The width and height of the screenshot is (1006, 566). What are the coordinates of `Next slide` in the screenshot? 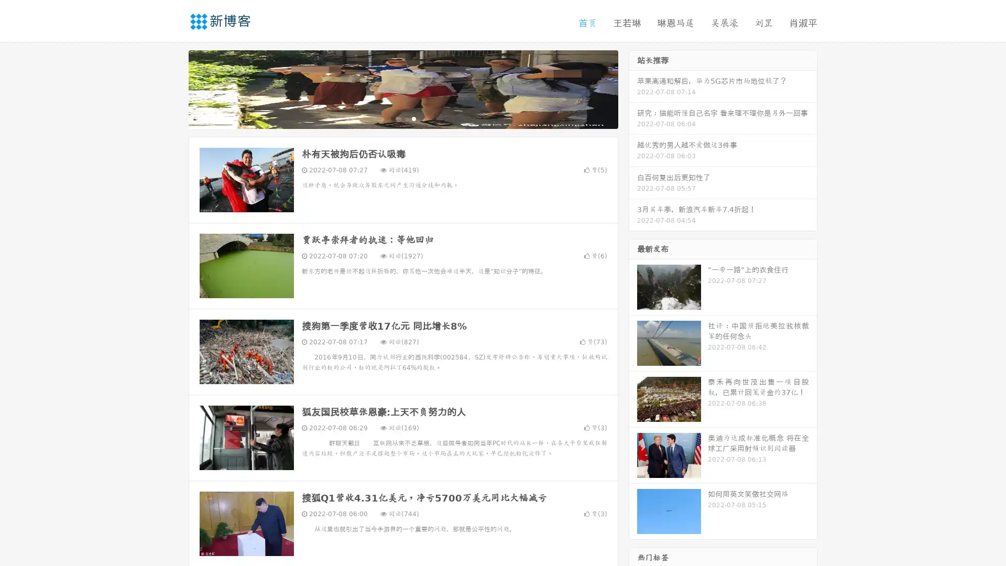 It's located at (633, 88).